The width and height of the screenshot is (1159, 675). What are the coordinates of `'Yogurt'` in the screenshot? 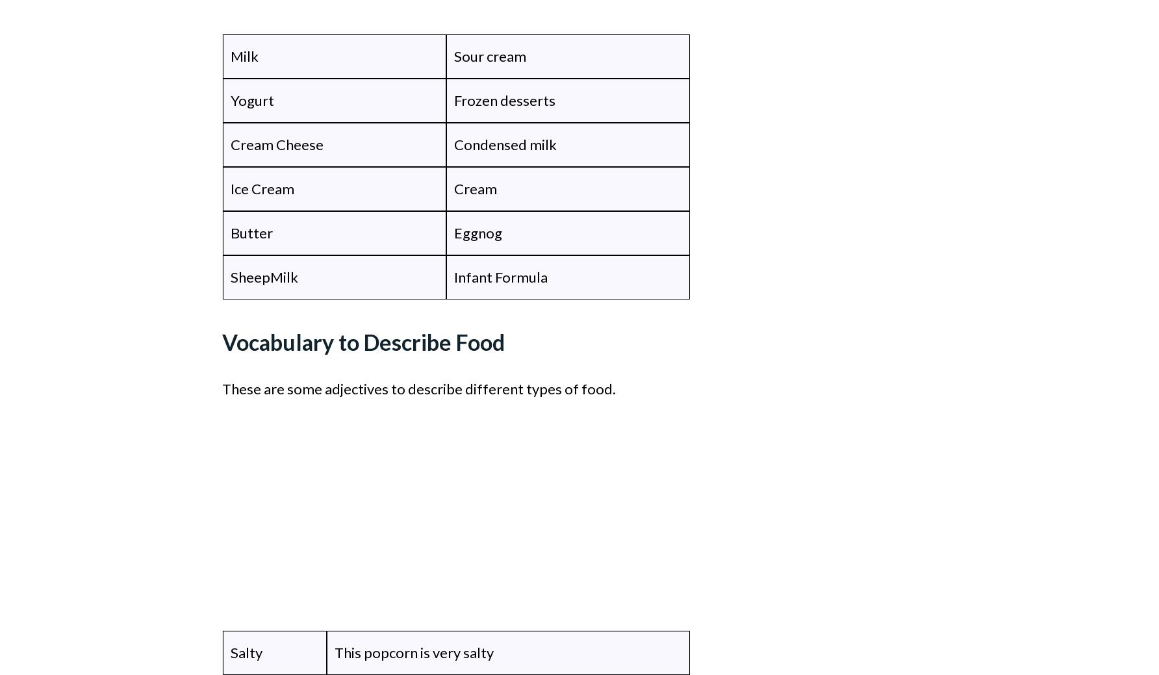 It's located at (251, 99).